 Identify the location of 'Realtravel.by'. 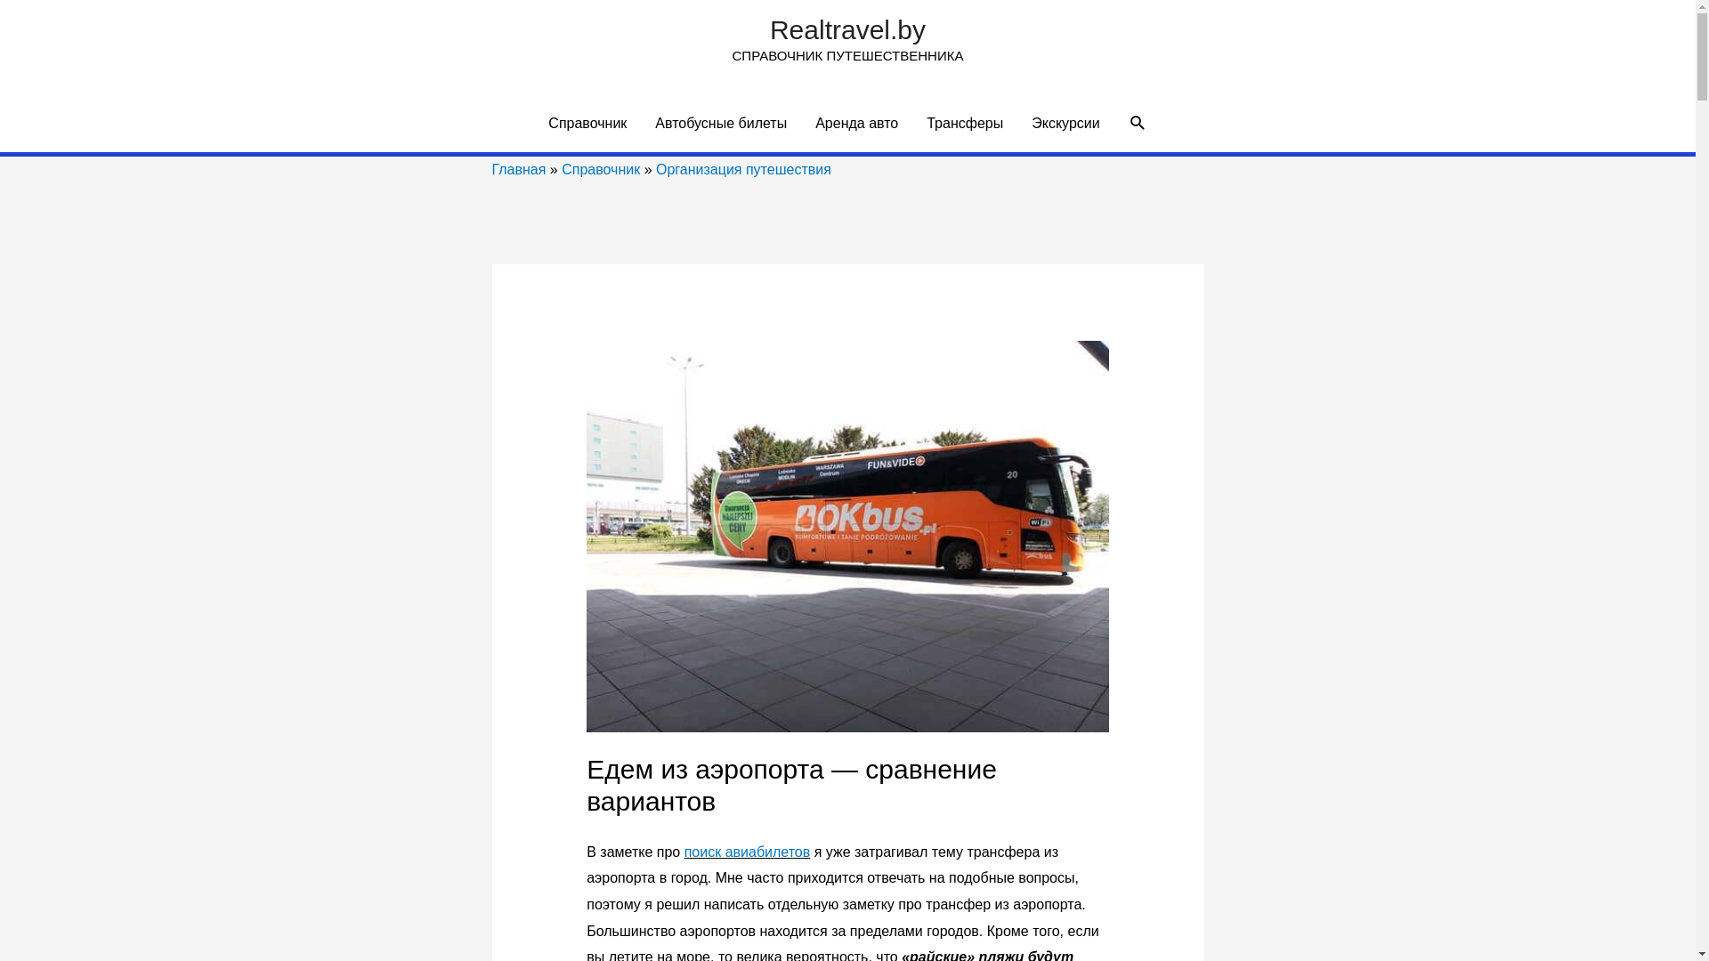
(846, 29).